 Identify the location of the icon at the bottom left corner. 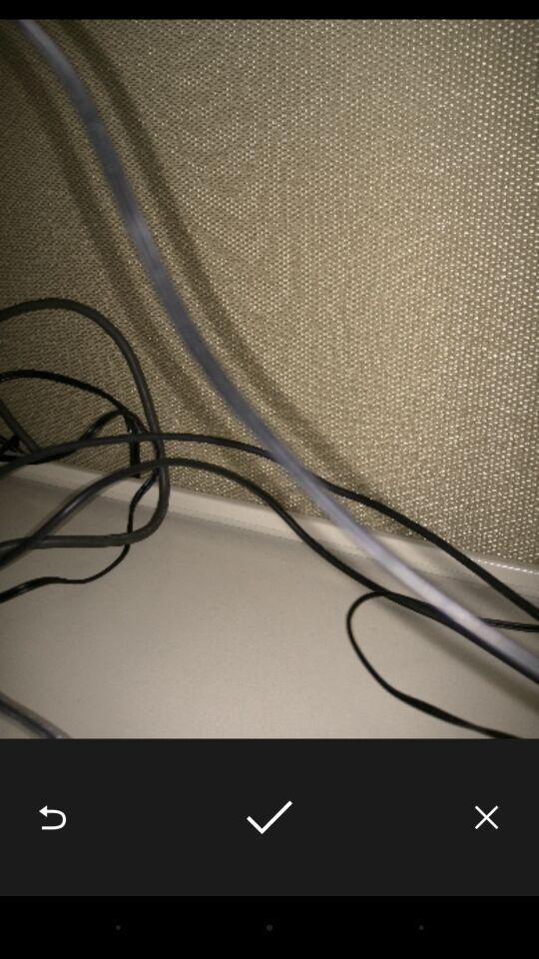
(52, 817).